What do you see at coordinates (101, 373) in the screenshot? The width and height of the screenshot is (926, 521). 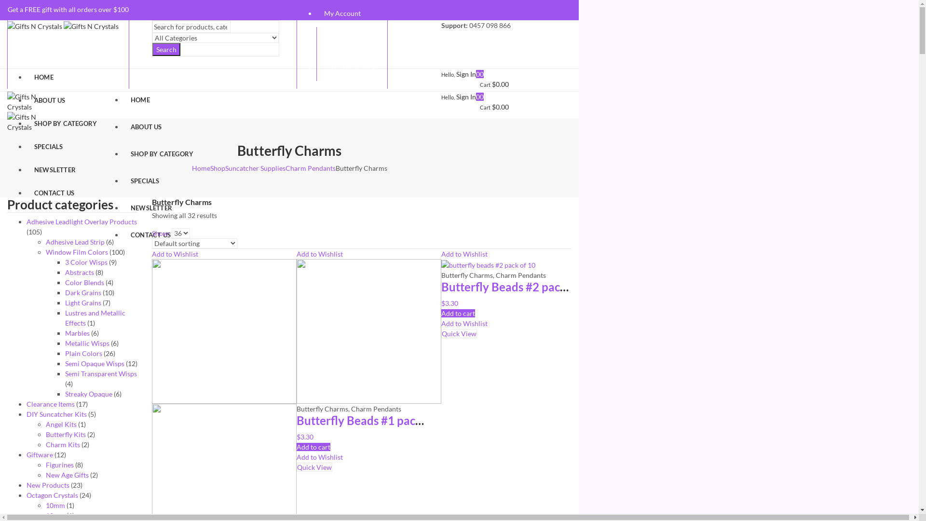 I see `'Semi Transparent Wisps'` at bounding box center [101, 373].